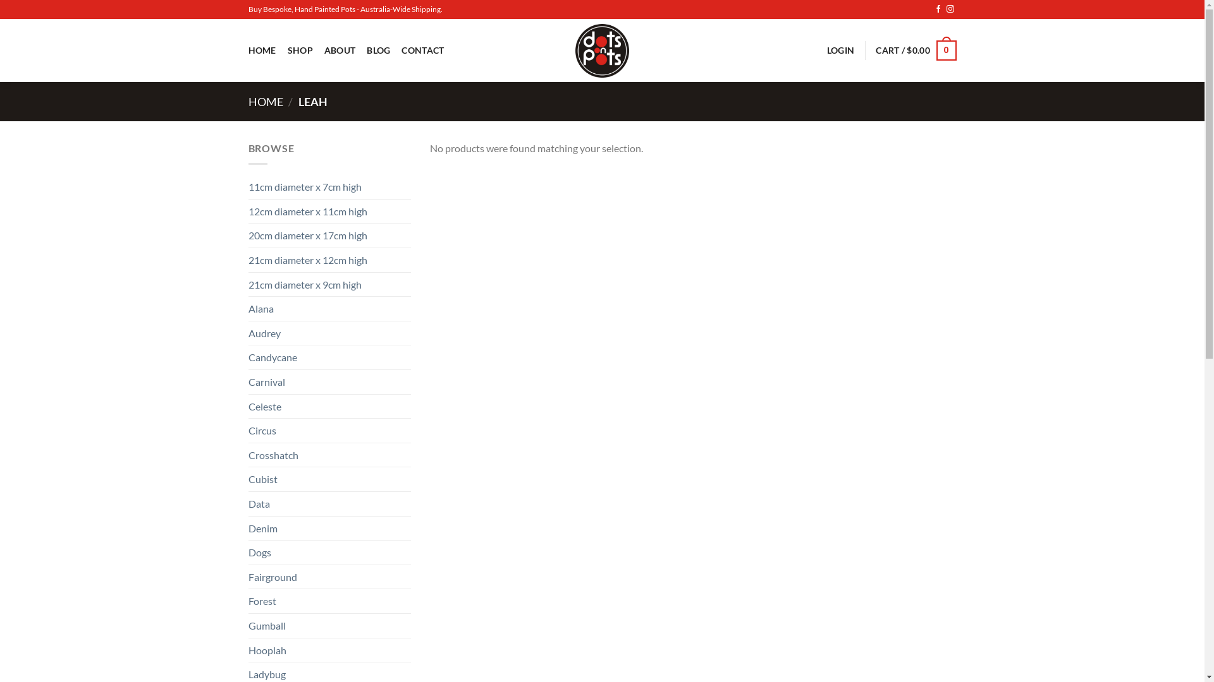 This screenshot has width=1214, height=682. I want to click on '21cm diameter x 9cm high', so click(248, 285).